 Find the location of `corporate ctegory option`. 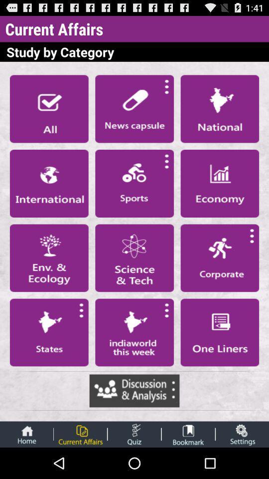

corporate ctegory option is located at coordinates (220, 257).